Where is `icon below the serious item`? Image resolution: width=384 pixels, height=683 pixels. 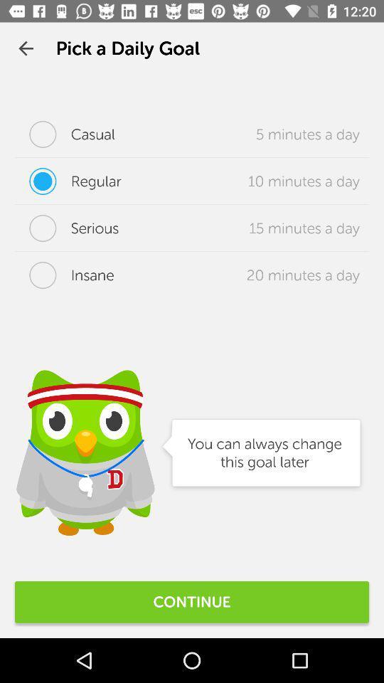
icon below the serious item is located at coordinates (63, 274).